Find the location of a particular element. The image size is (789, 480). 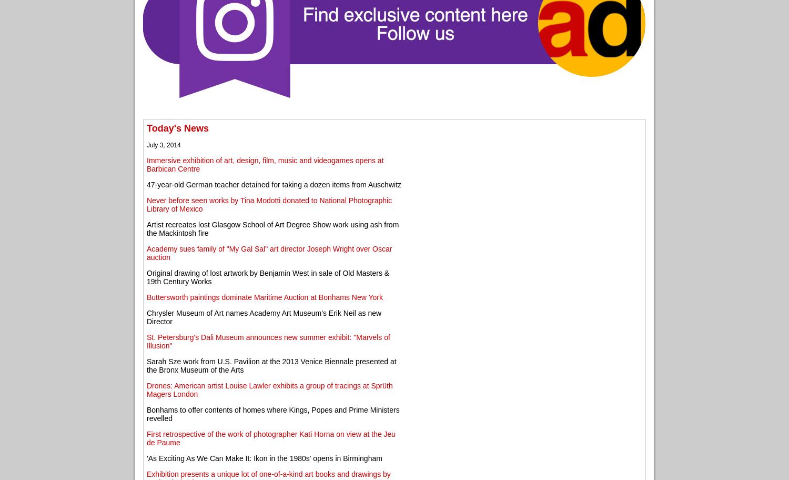

'Immersive exhibition of art, design, film, music and videogames opens at Barbican Centre' is located at coordinates (265, 164).